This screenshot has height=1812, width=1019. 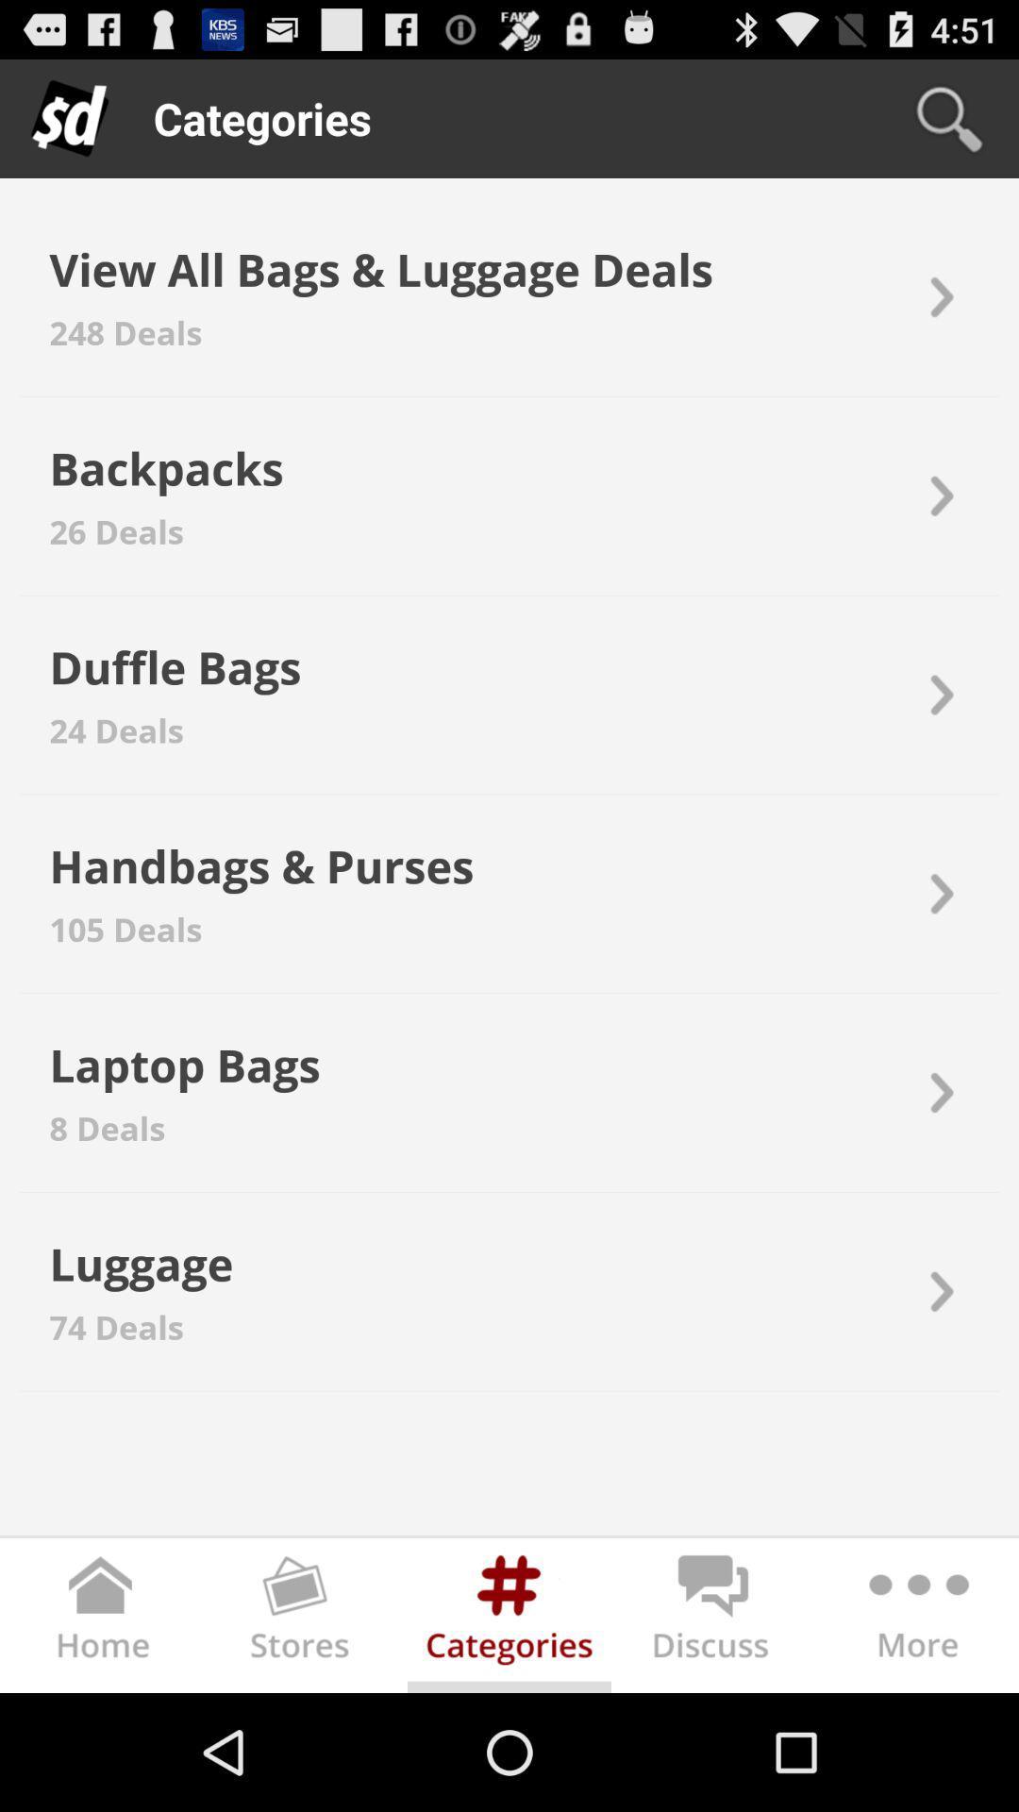 I want to click on the button in the second option, so click(x=939, y=496).